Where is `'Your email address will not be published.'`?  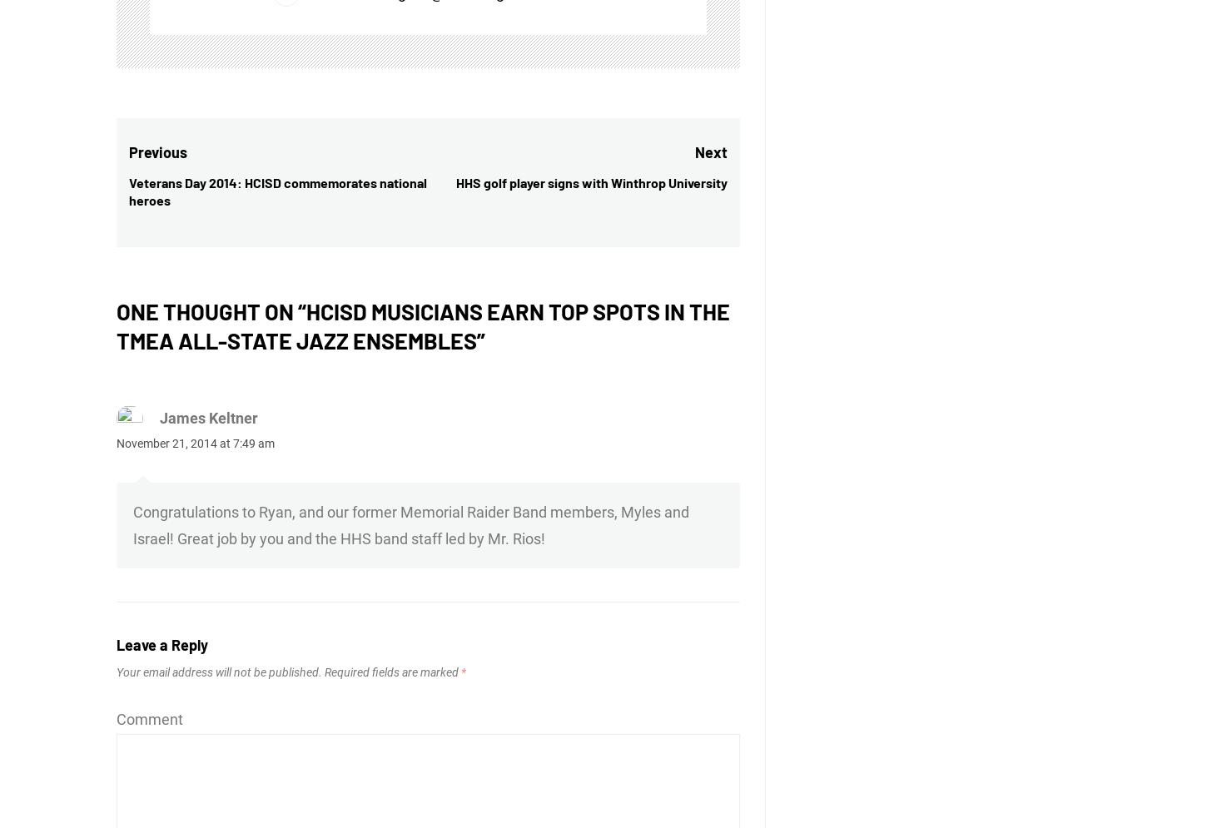
'Your email address will not be published.' is located at coordinates (219, 672).